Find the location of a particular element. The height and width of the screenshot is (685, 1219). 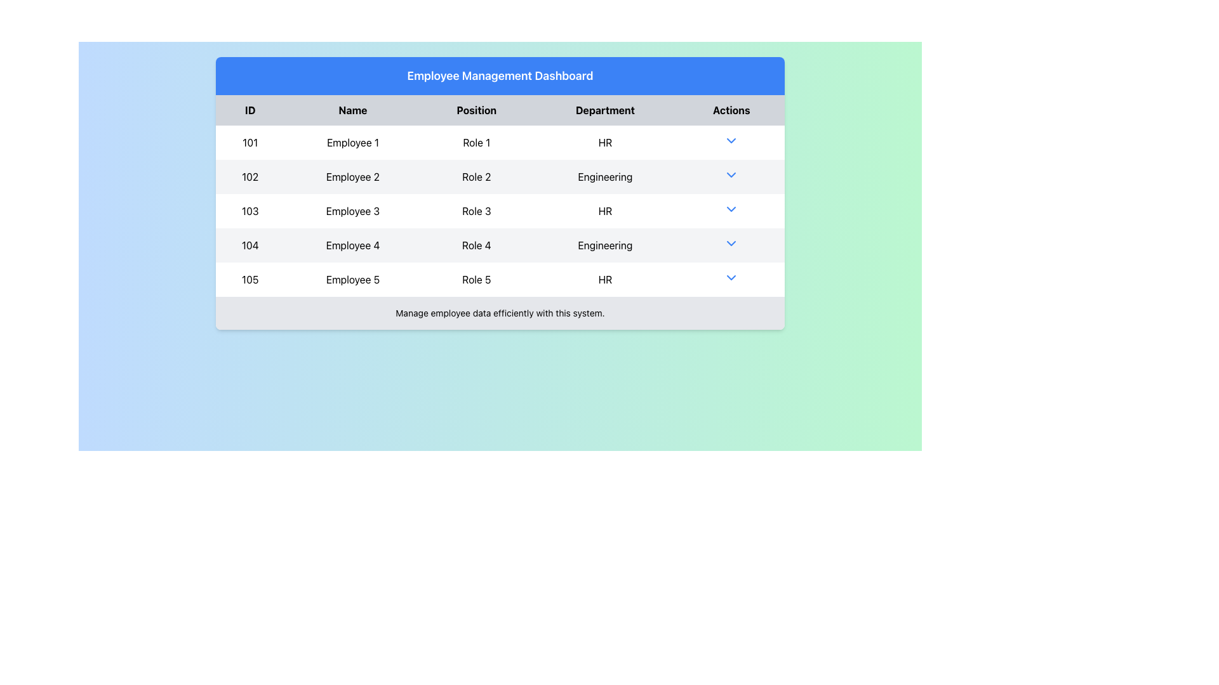

text 'Employee 3' from the second cell in the third row of the table, which is under the 'Name' column is located at coordinates (353, 210).